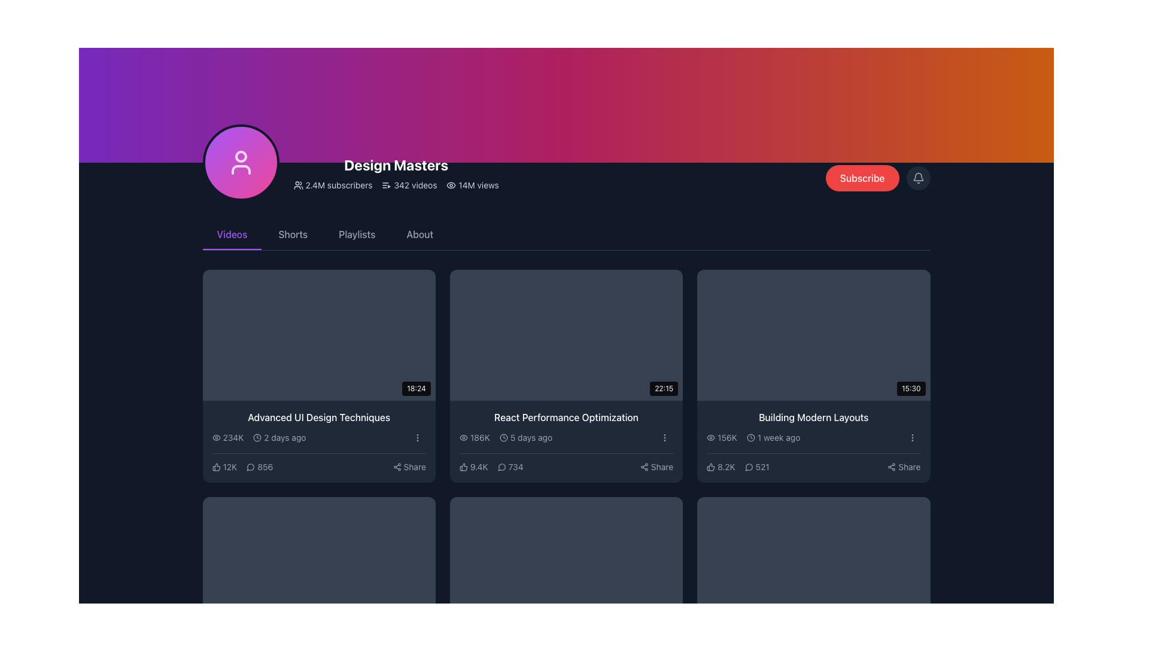  Describe the element at coordinates (862, 178) in the screenshot. I see `the 'Subscribe' button with a red background and rounded edges` at that location.